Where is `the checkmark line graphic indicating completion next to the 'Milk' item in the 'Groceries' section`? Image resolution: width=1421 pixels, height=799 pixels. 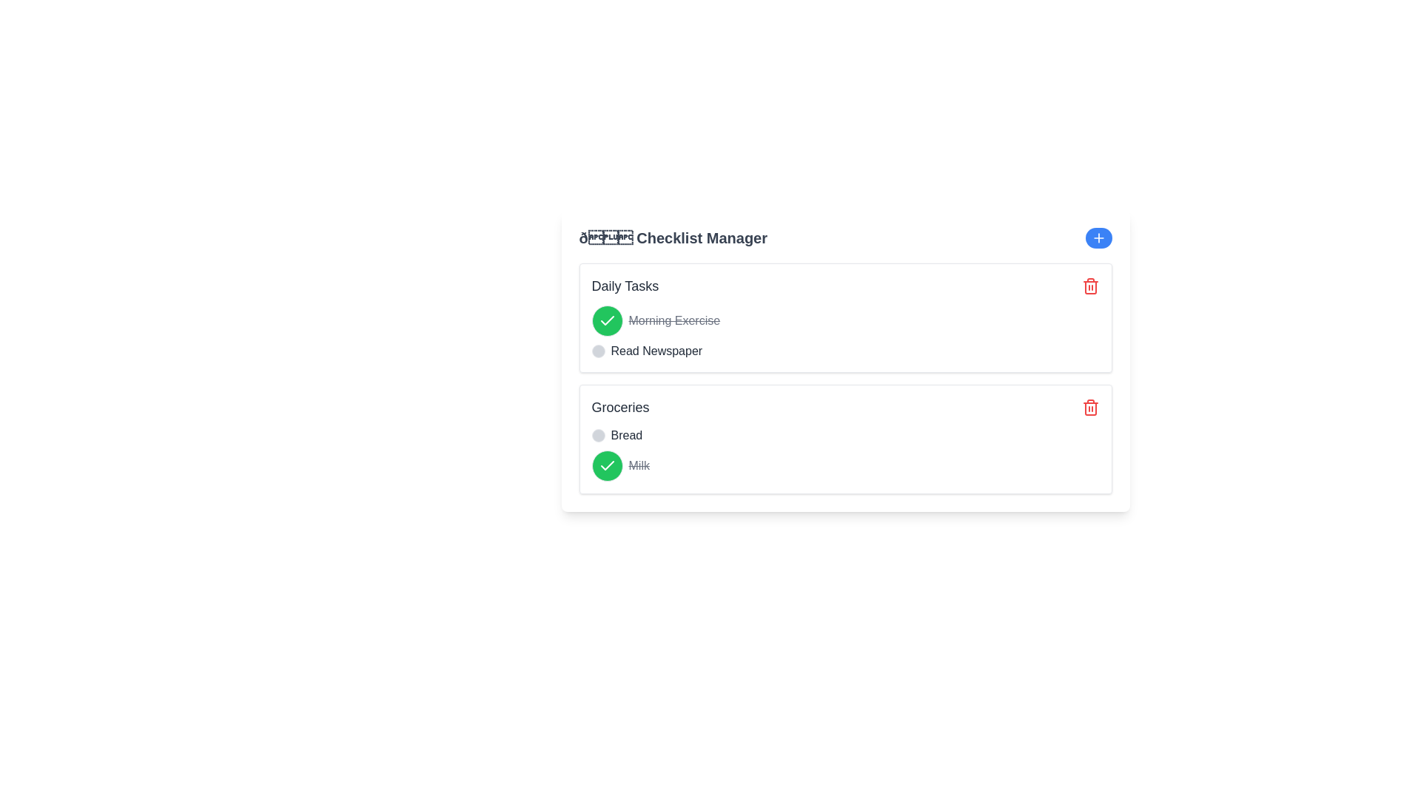
the checkmark line graphic indicating completion next to the 'Milk' item in the 'Groceries' section is located at coordinates (607, 320).